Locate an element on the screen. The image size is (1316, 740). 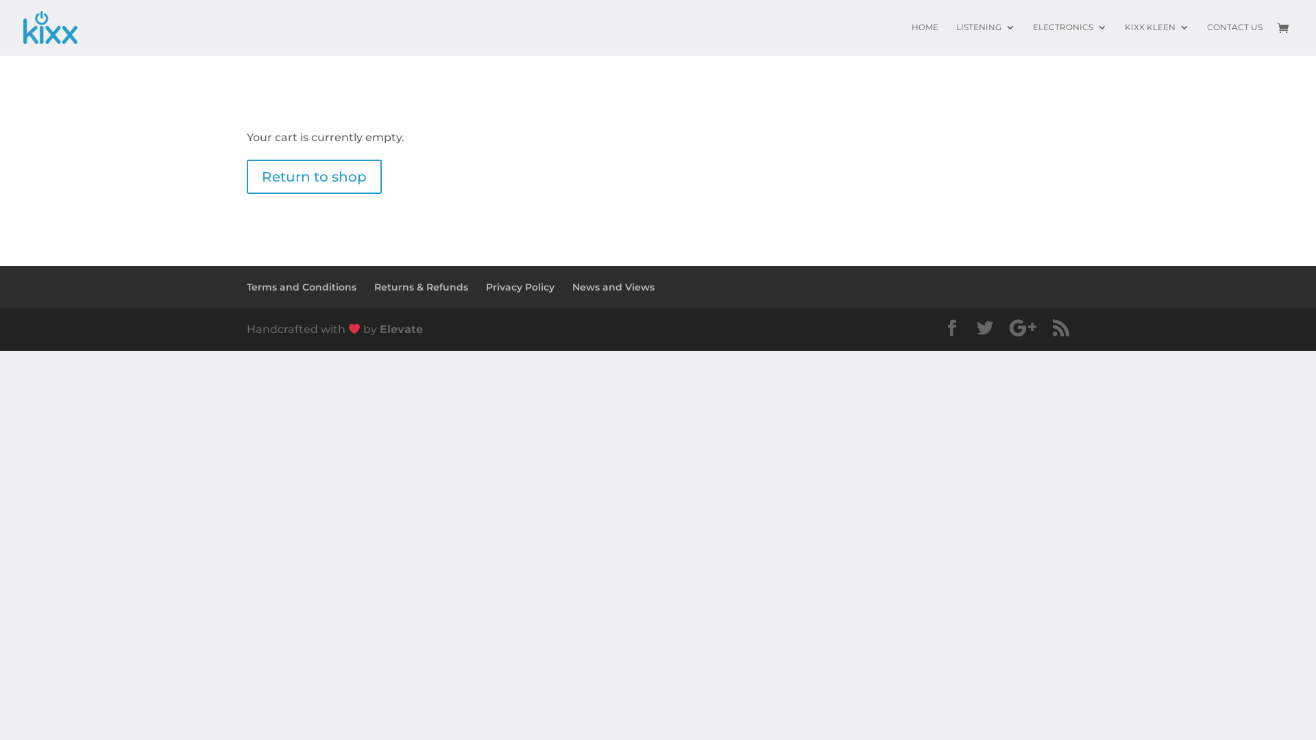
'Return to shop' is located at coordinates (313, 176).